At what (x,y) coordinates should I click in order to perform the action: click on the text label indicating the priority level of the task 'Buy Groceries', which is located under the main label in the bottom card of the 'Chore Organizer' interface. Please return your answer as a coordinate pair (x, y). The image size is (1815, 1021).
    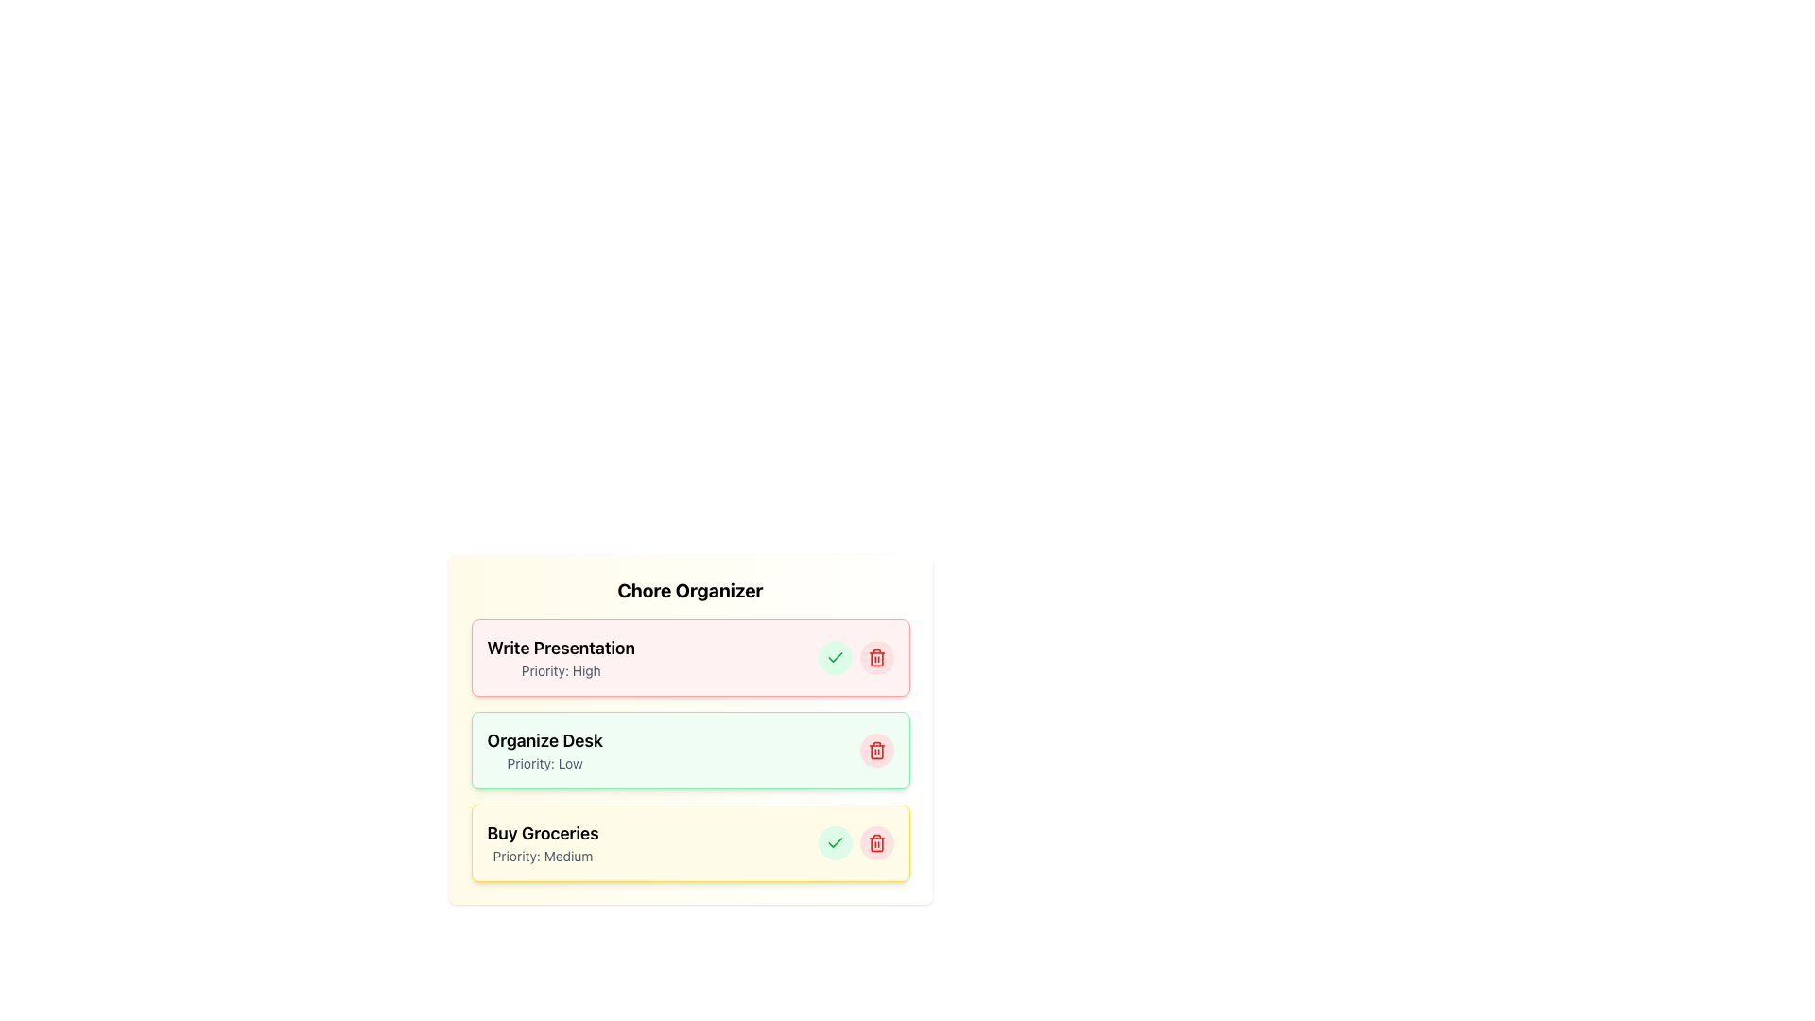
    Looking at the image, I should click on (542, 857).